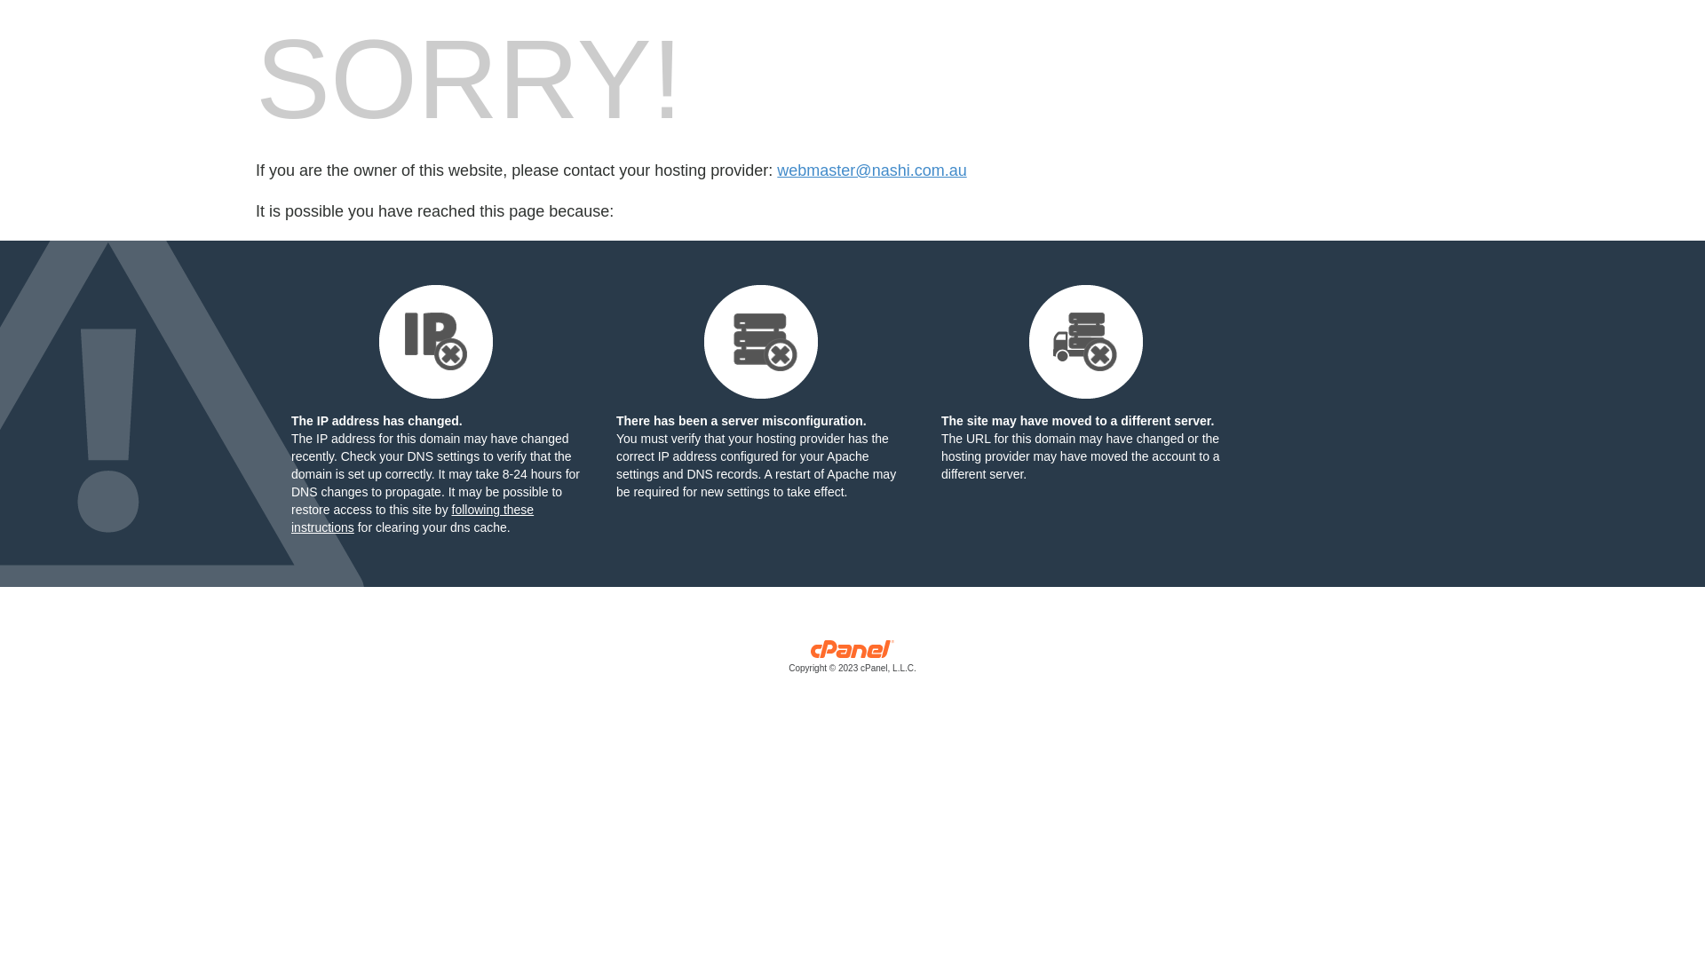 The width and height of the screenshot is (1705, 959). I want to click on 'following these instructions', so click(411, 518).